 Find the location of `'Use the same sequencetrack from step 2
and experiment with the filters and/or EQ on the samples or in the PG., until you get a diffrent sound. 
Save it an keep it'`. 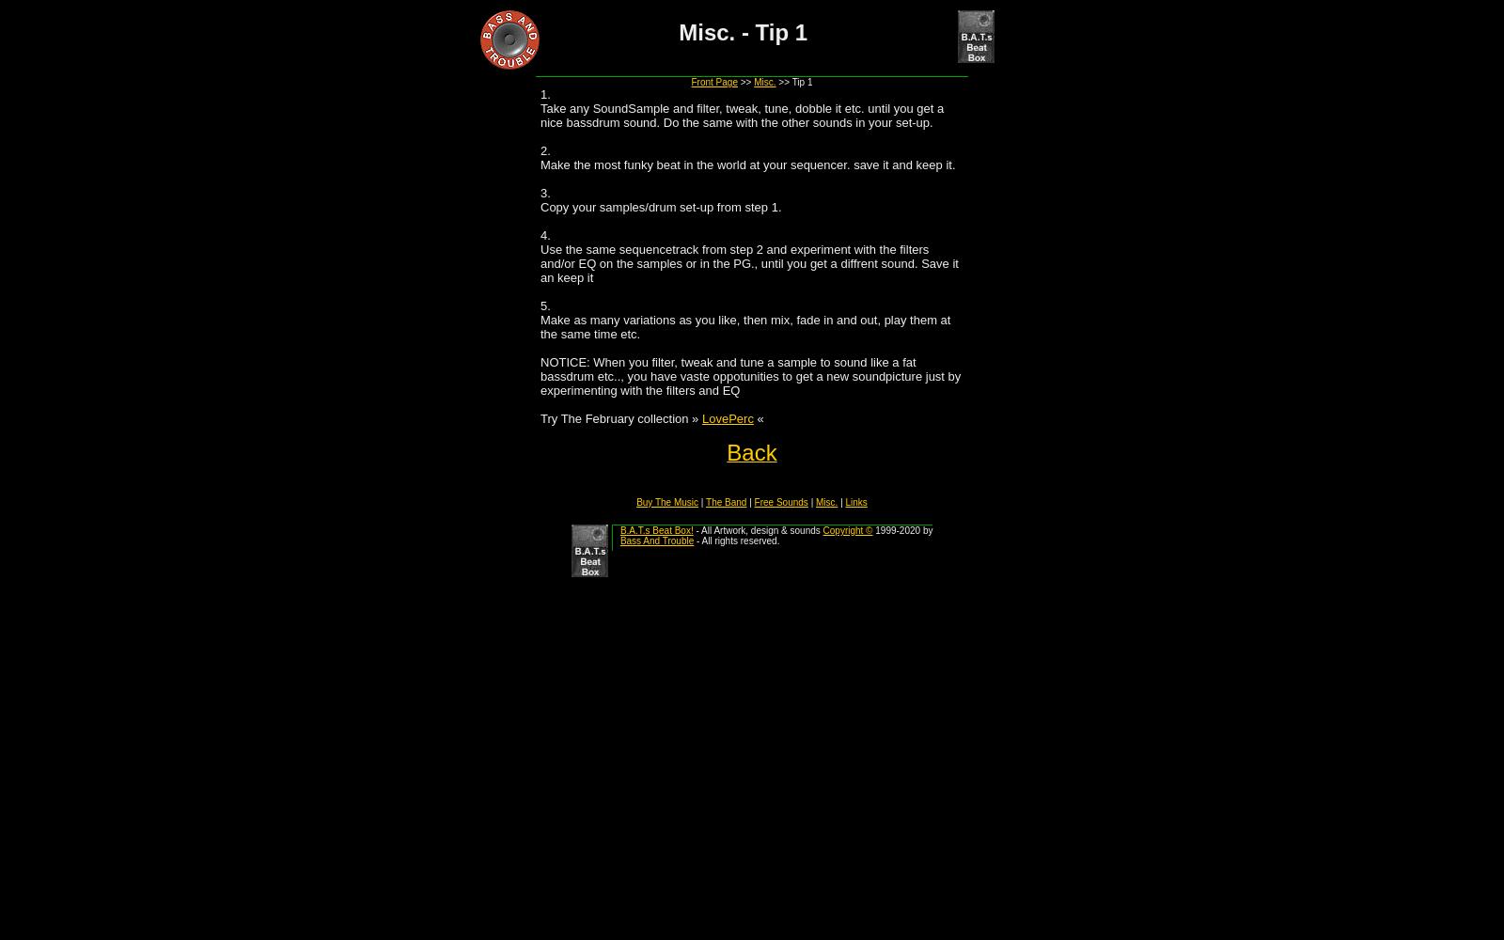

'Use the same sequencetrack from step 2
and experiment with the filters and/or EQ on the samples or in the PG., until you get a diffrent sound. 
Save it an keep it' is located at coordinates (748, 263).